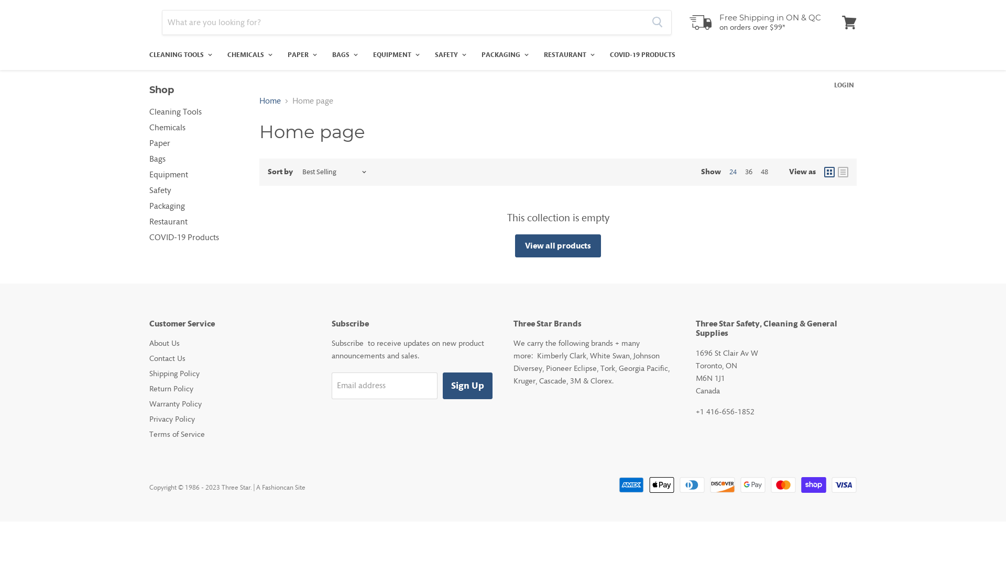 The height and width of the screenshot is (565, 1006). What do you see at coordinates (218, 54) in the screenshot?
I see `'CHEMICALS'` at bounding box center [218, 54].